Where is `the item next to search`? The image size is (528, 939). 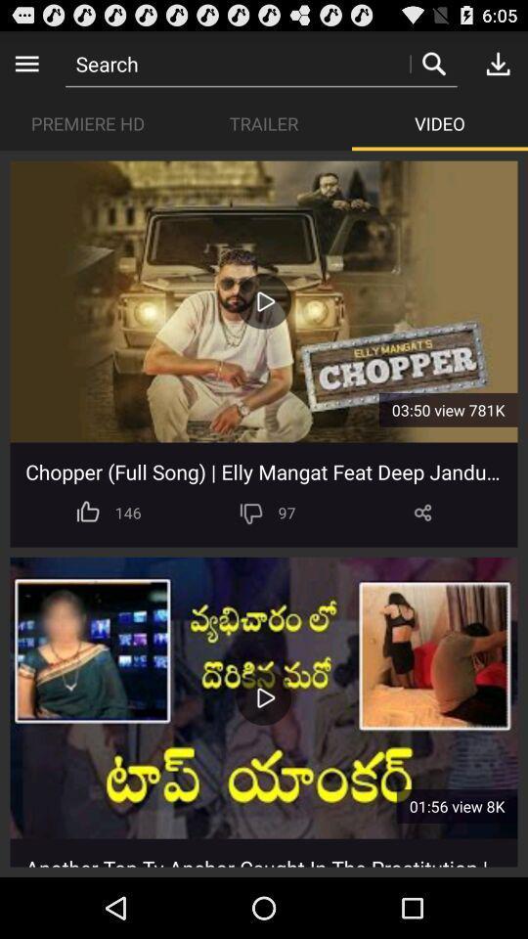
the item next to search is located at coordinates (25, 63).